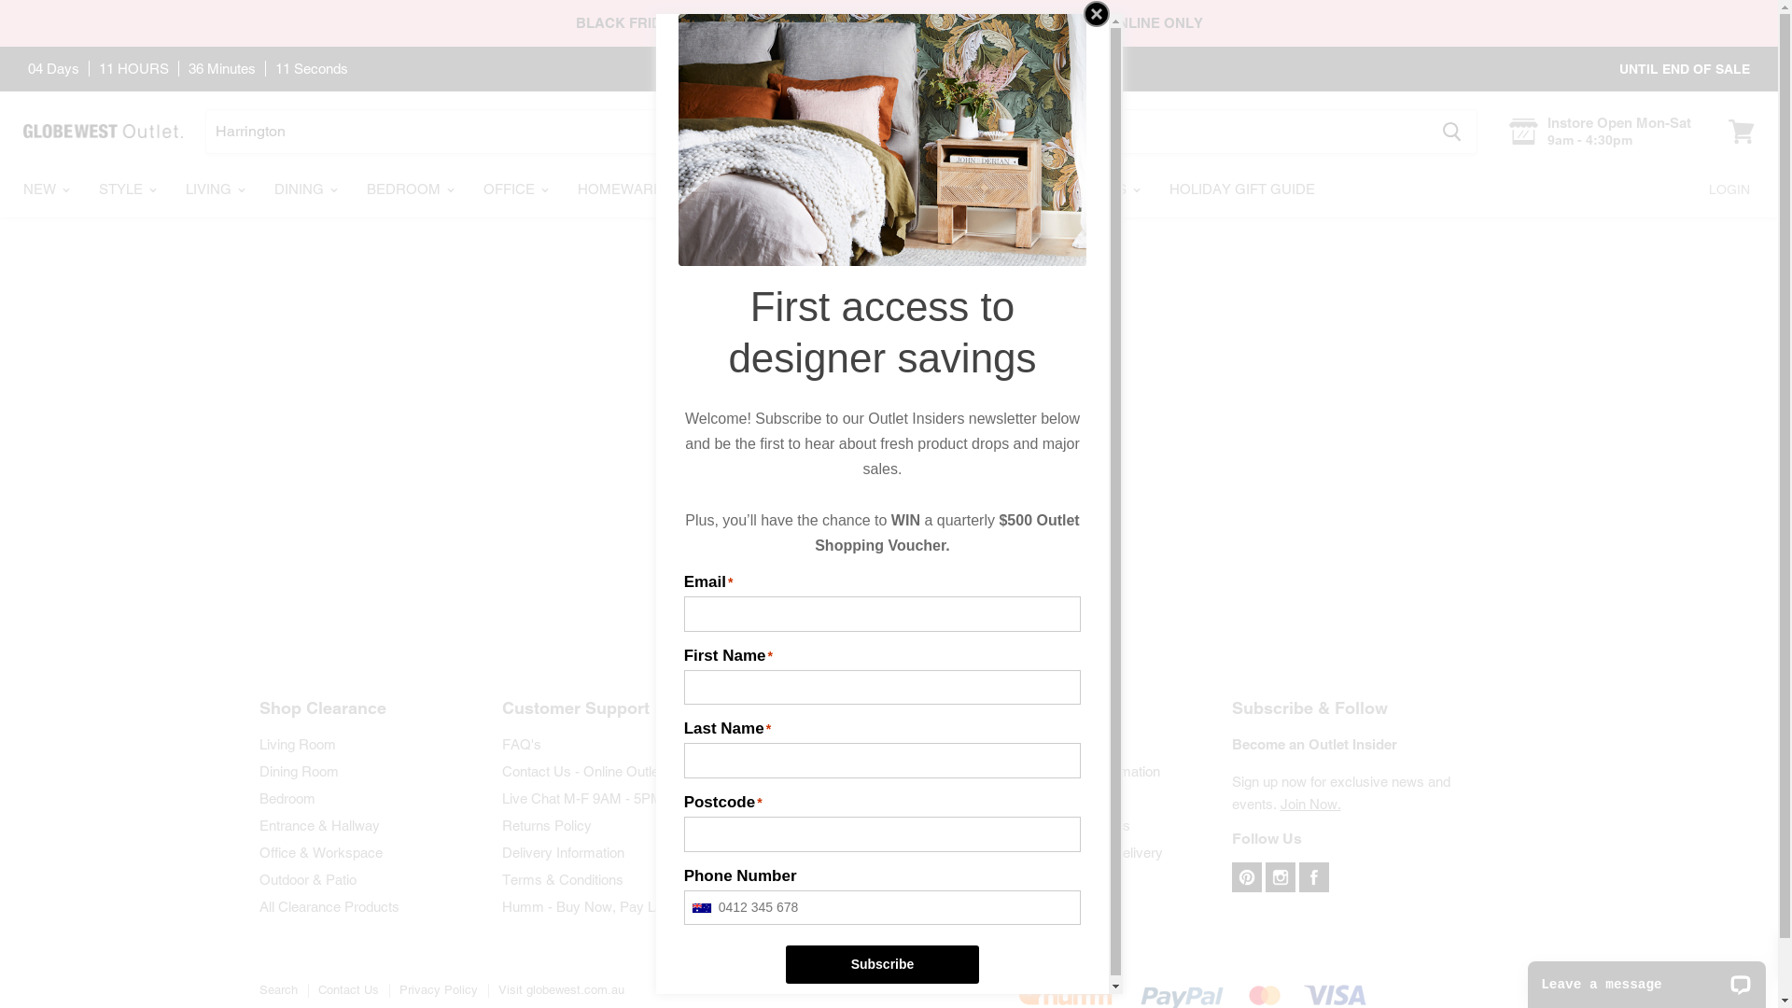 The image size is (1792, 1008). What do you see at coordinates (501, 879) in the screenshot?
I see `'Terms & Conditions'` at bounding box center [501, 879].